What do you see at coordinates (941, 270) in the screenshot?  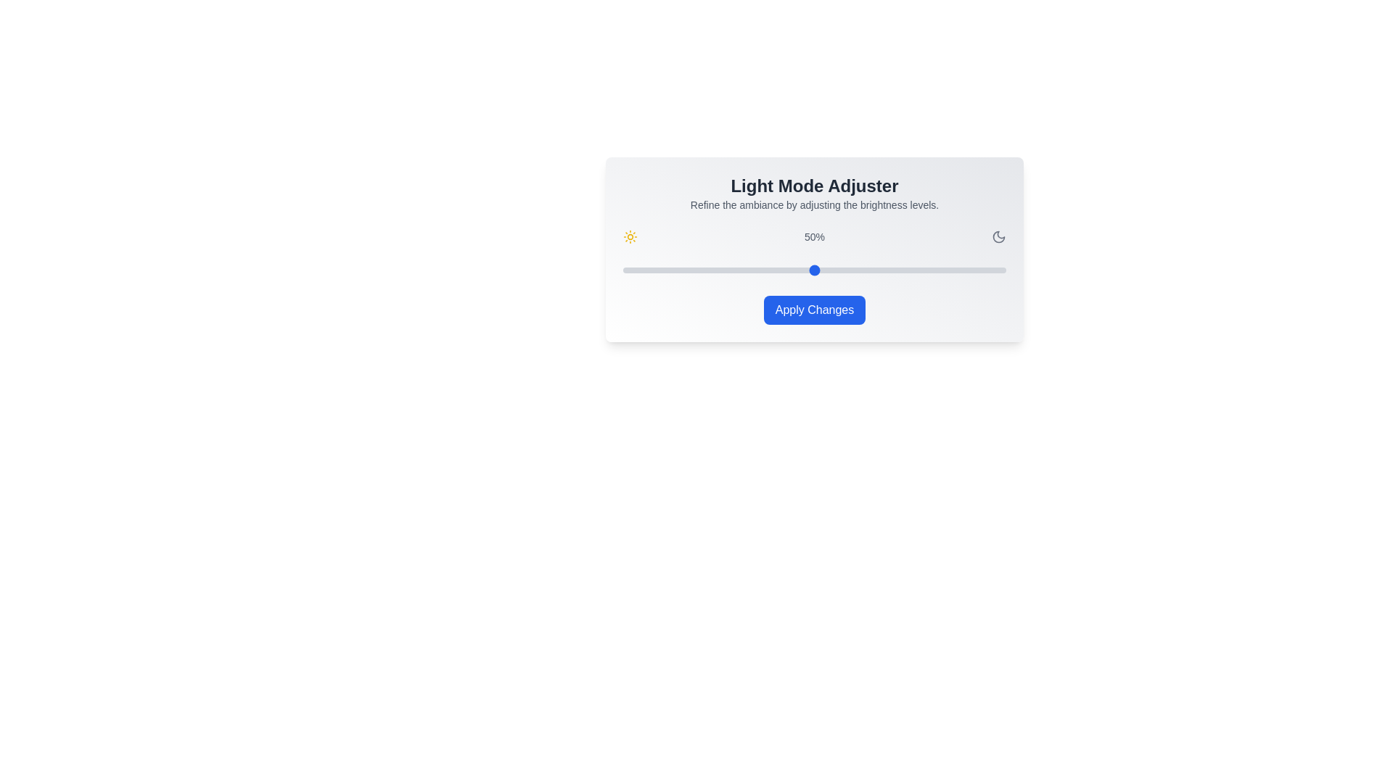 I see `the brightness slider to 83%` at bounding box center [941, 270].